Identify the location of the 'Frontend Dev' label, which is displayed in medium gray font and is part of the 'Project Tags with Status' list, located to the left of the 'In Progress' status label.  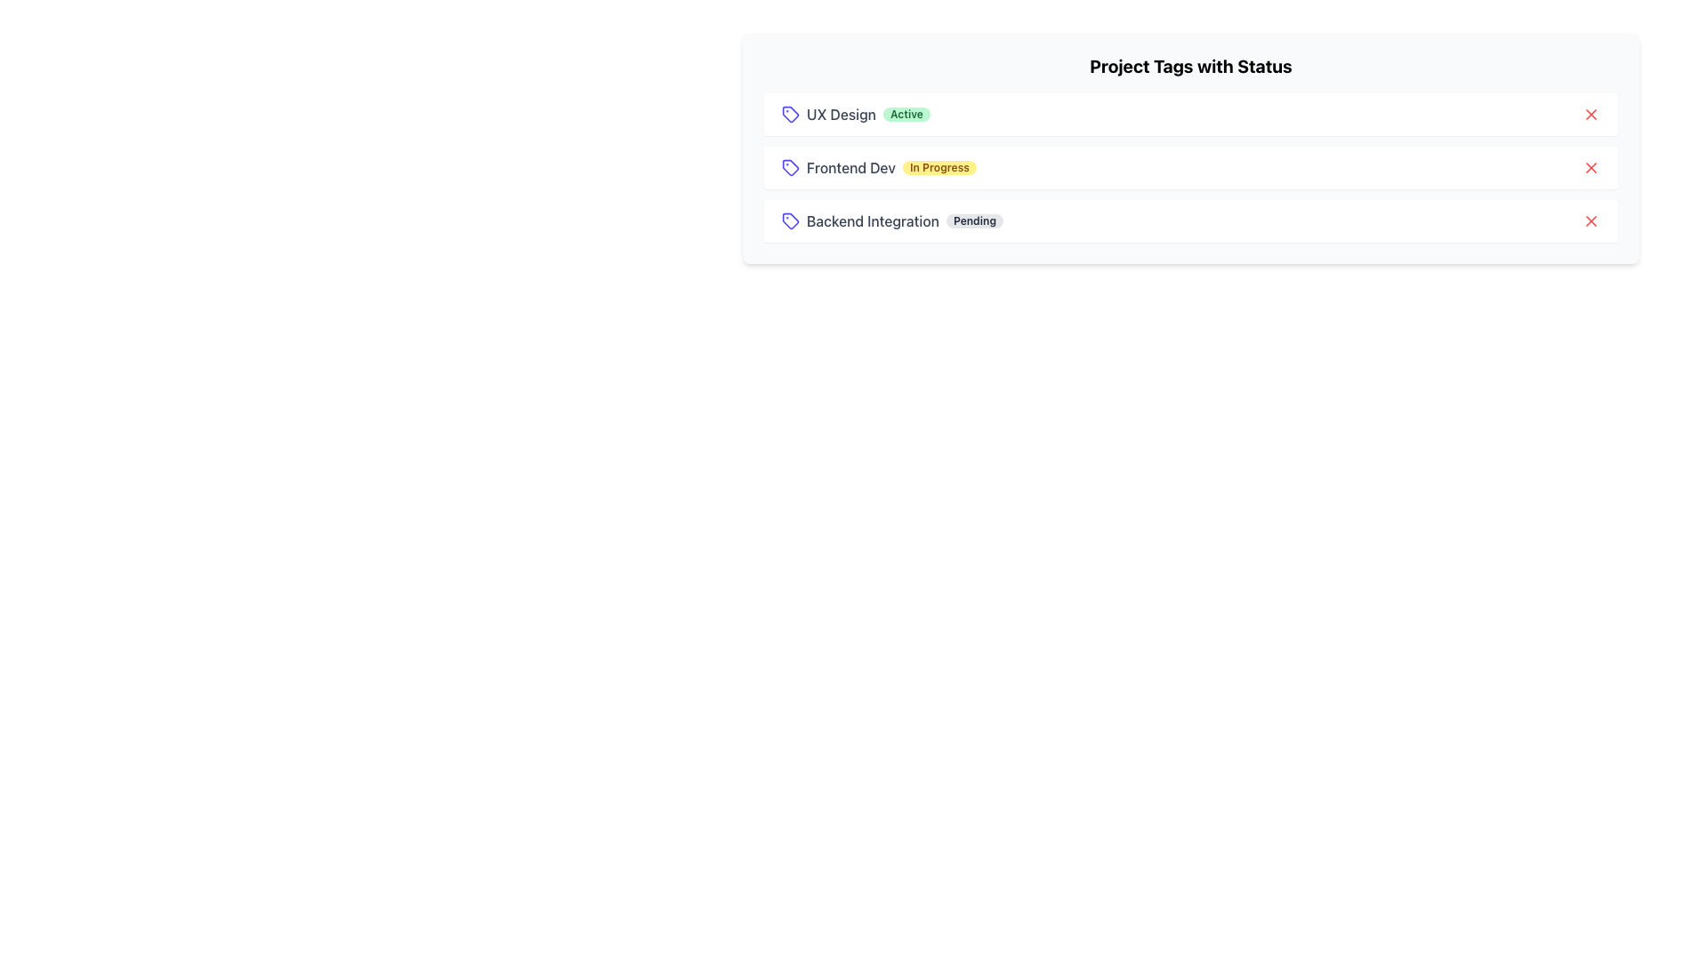
(850, 168).